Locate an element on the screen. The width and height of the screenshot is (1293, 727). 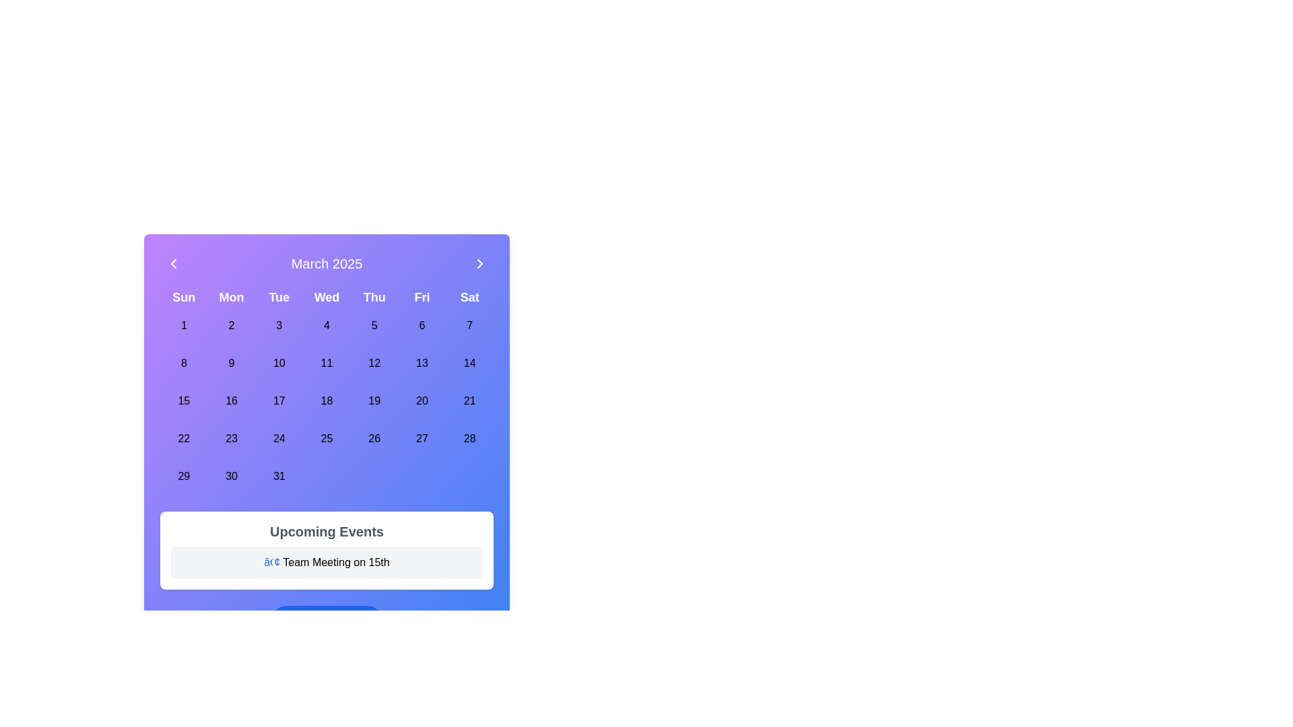
the static label displaying the text 'Wed', which is styled in white with a bold font on a gradient background of purple and blue, located centrally in the top section of the calendar view is located at coordinates (327, 297).